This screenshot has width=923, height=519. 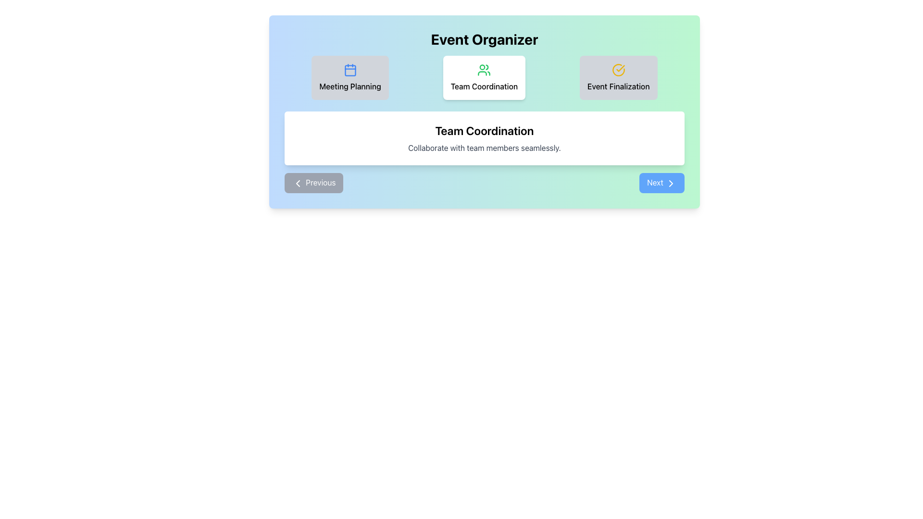 I want to click on the text label displaying 'Event Finalization', which is part of a button-like structure with a light gray background and rounded corners, positioned below a yellow check mark icon, so click(x=618, y=86).